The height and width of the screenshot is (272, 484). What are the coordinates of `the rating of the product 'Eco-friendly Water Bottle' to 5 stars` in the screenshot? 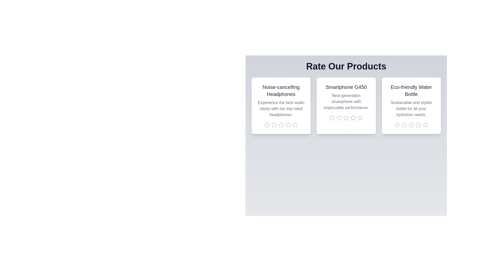 It's located at (425, 125).